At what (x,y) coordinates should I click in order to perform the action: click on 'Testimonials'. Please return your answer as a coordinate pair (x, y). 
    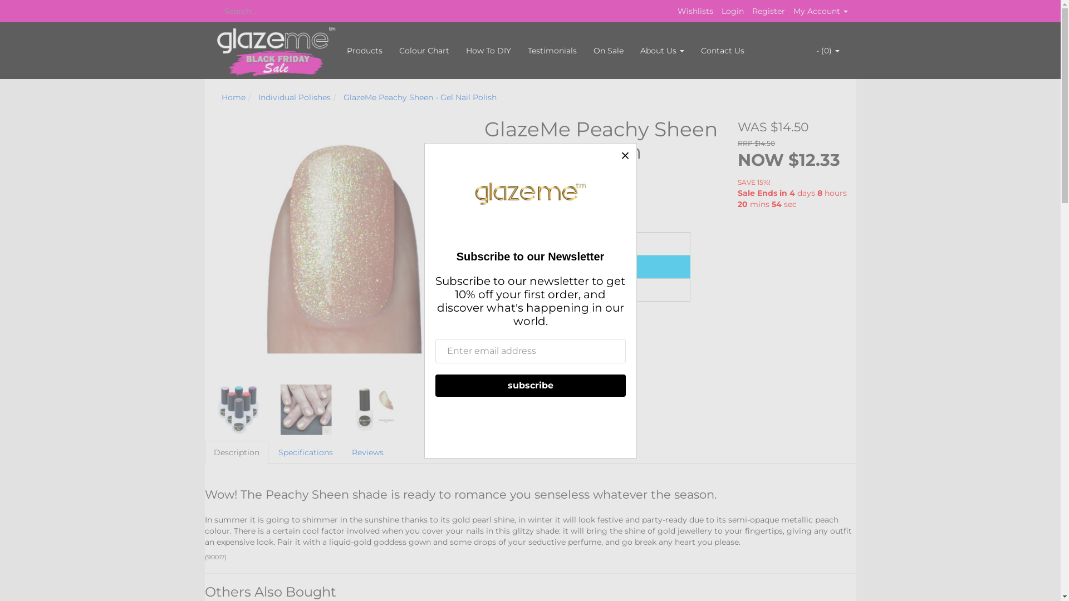
    Looking at the image, I should click on (551, 51).